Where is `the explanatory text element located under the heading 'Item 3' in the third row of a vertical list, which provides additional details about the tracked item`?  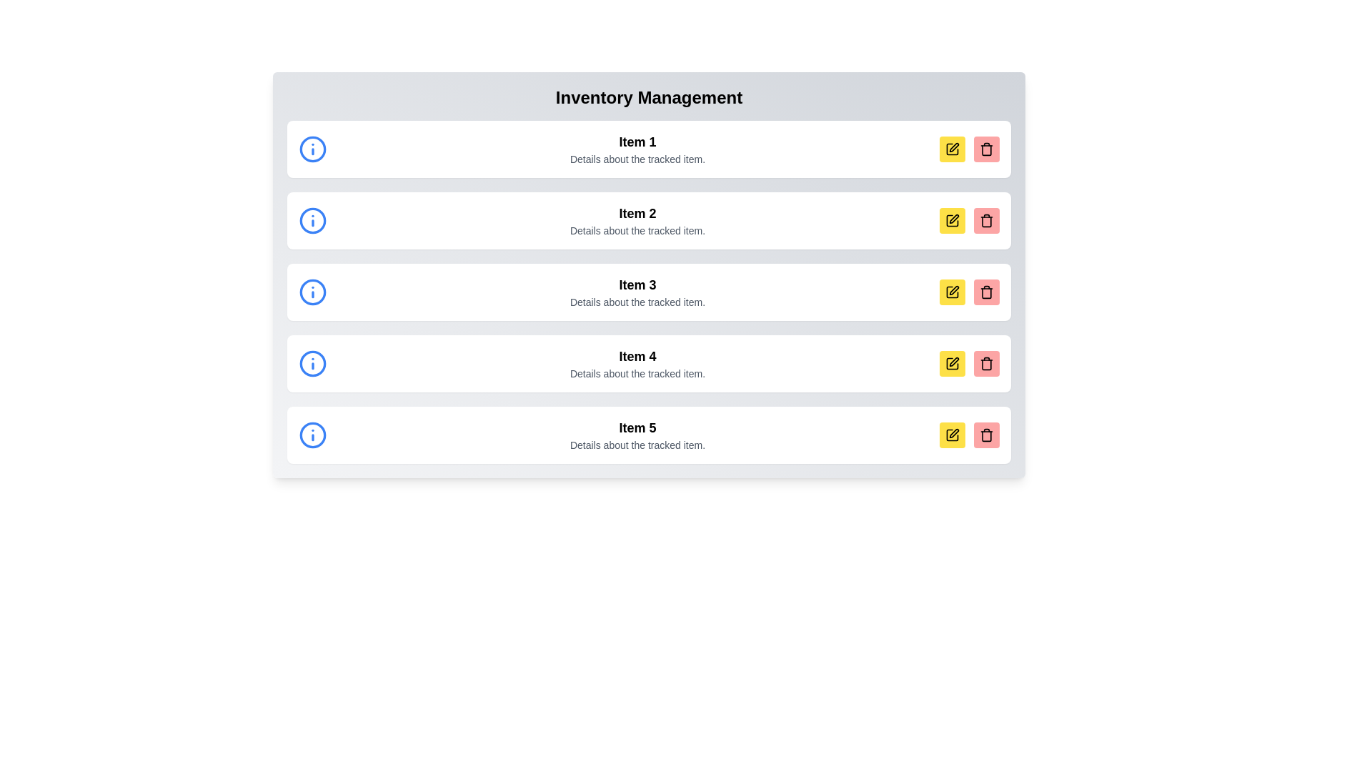 the explanatory text element located under the heading 'Item 3' in the third row of a vertical list, which provides additional details about the tracked item is located at coordinates (637, 302).